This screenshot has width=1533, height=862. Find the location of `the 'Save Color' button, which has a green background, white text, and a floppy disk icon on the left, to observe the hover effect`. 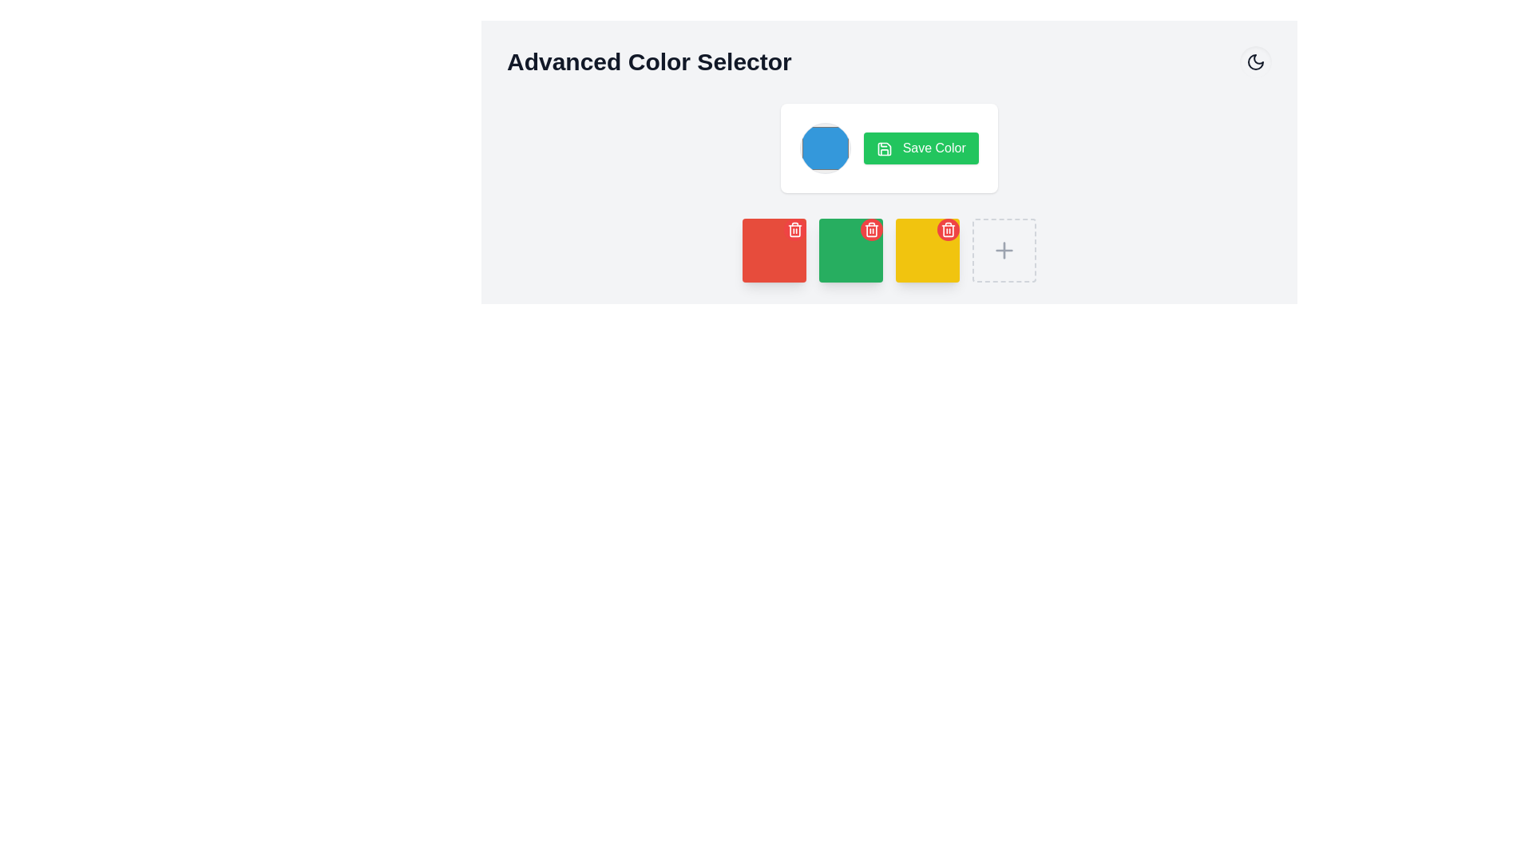

the 'Save Color' button, which has a green background, white text, and a floppy disk icon on the left, to observe the hover effect is located at coordinates (921, 148).